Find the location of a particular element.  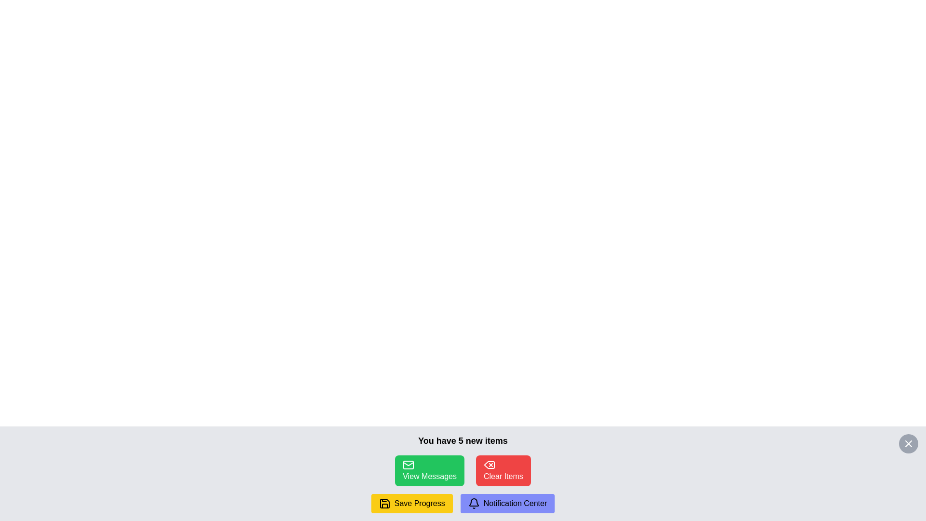

the red 'Clear Items' button with rounded corners, labeled in white text is located at coordinates (503, 470).